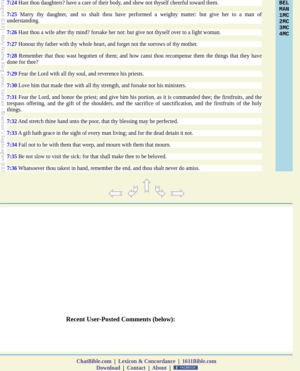 The height and width of the screenshot is (371, 300). Describe the element at coordinates (80, 73) in the screenshot. I see `'Fear the Lord with all thy soul, and reverence his priests.'` at that location.